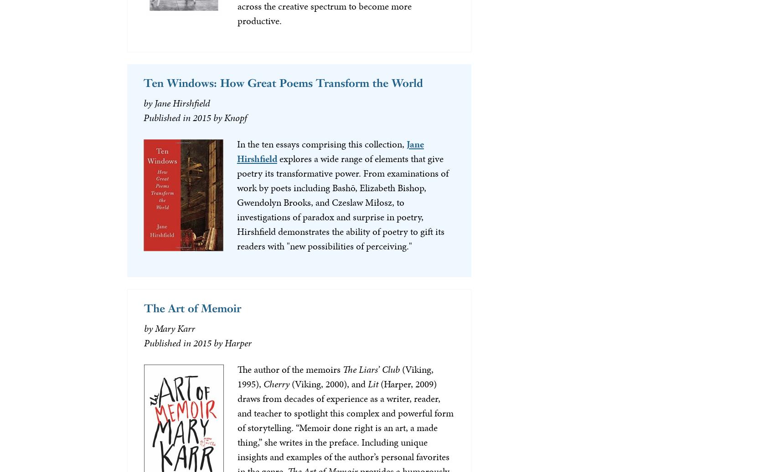 The image size is (775, 472). Describe the element at coordinates (232, 342) in the screenshot. I see `'by Harper'` at that location.